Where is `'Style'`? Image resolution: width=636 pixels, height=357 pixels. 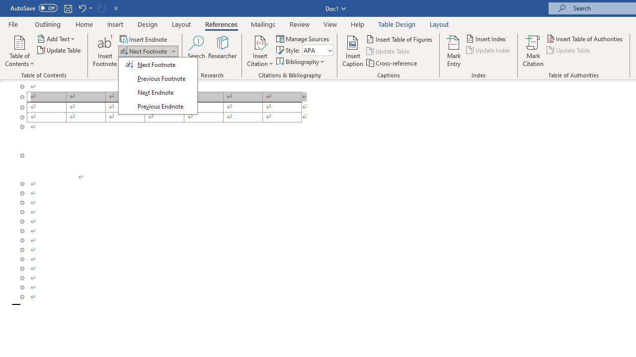
'Style' is located at coordinates (314, 50).